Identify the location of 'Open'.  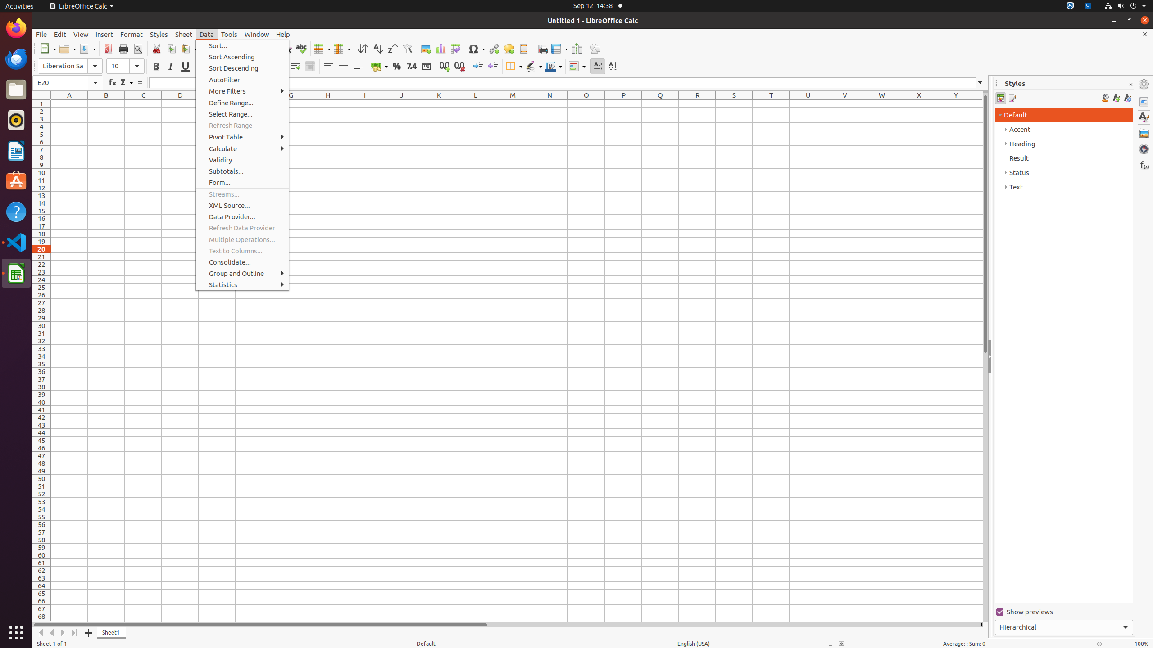
(68, 48).